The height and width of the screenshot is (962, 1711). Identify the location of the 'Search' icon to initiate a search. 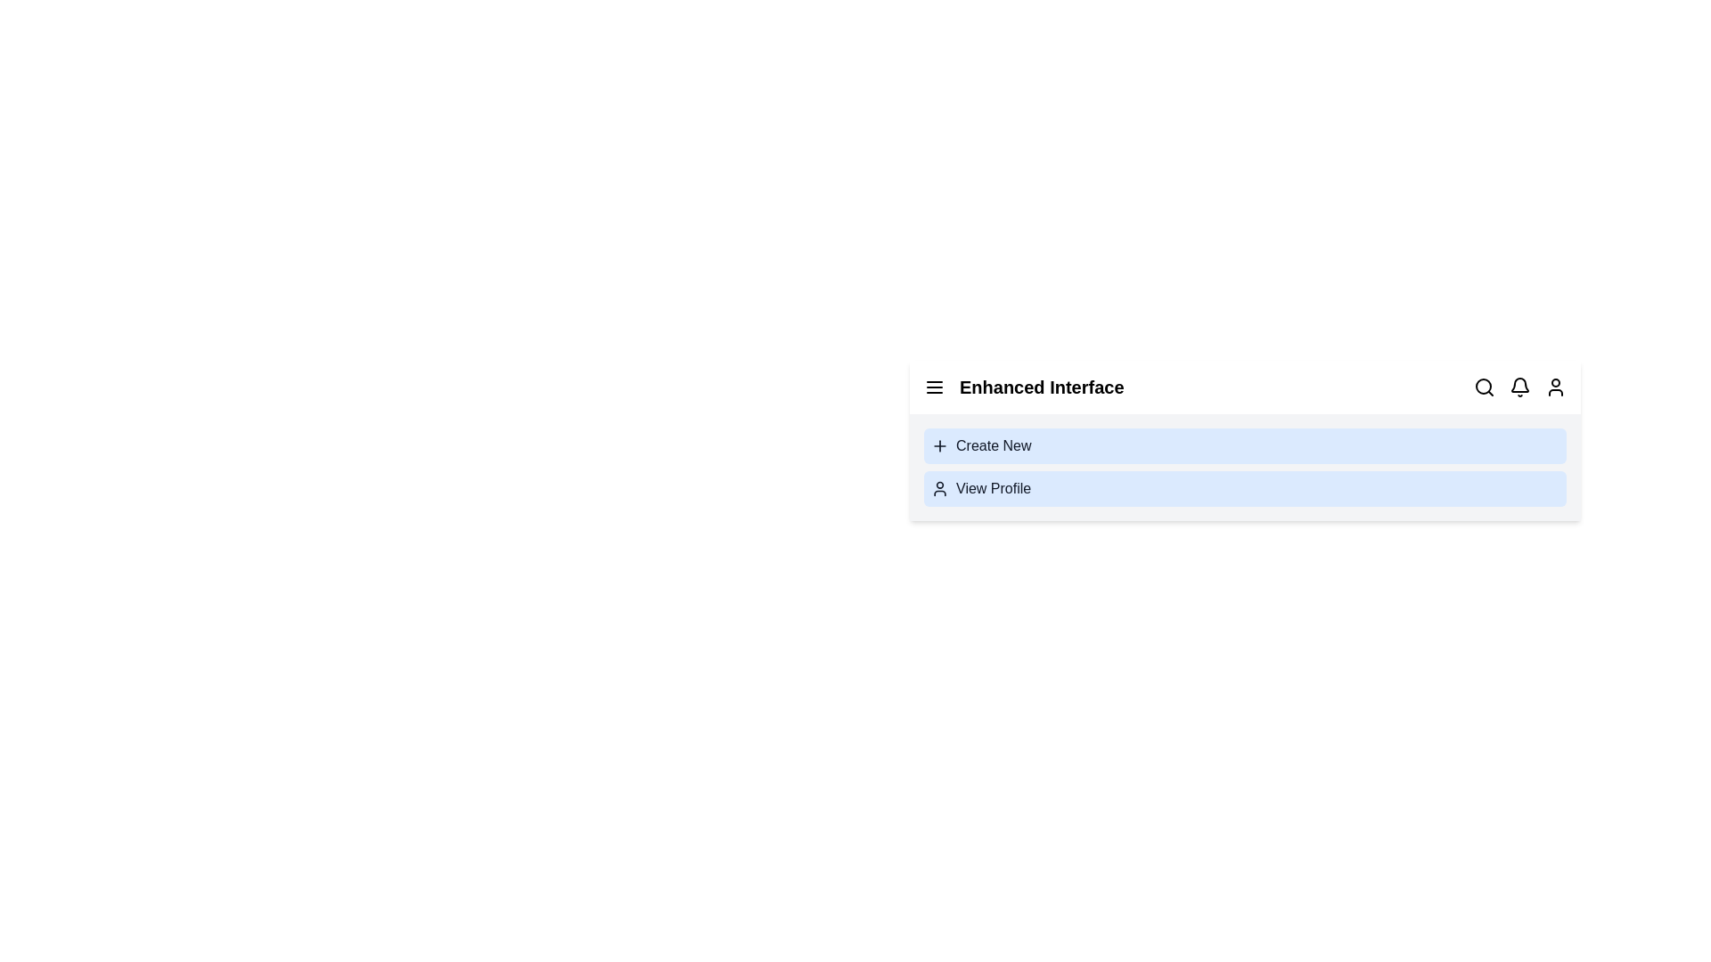
(1484, 387).